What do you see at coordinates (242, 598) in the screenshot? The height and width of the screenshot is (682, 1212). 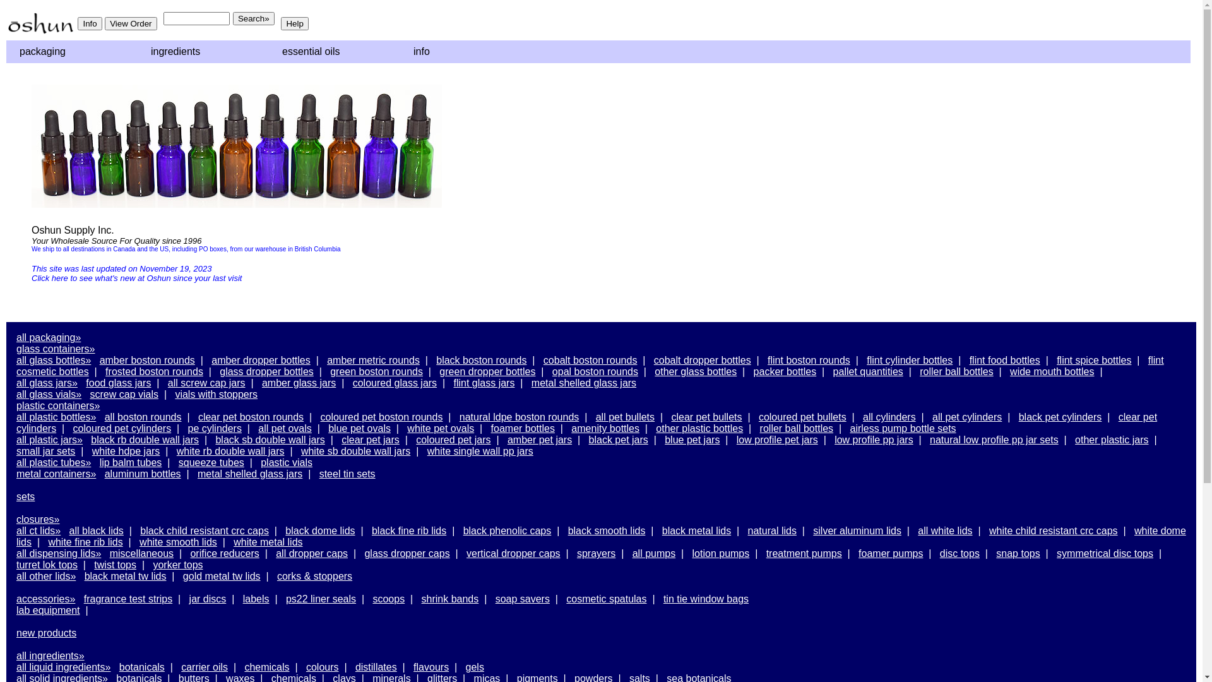 I see `'labels'` at bounding box center [242, 598].